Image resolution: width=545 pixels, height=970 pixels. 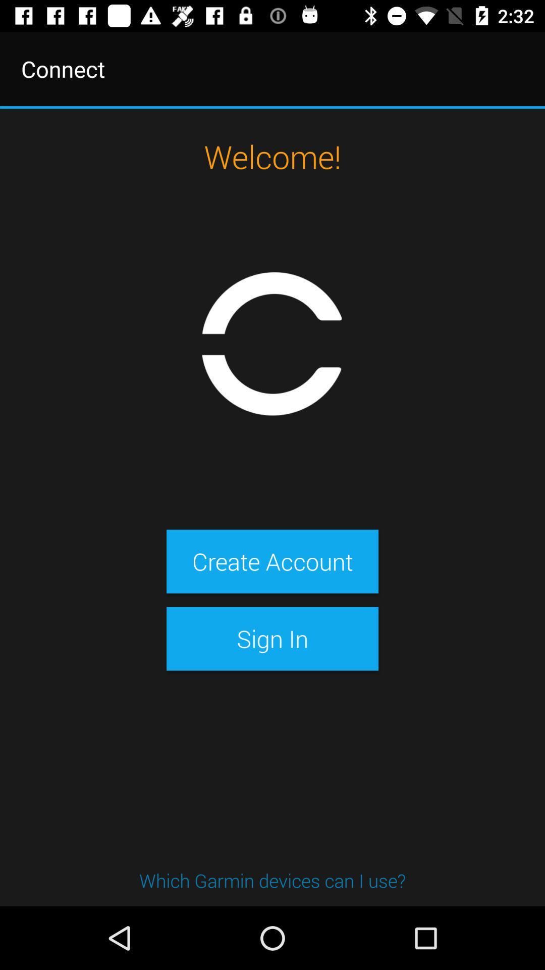 I want to click on icon below the sign in item, so click(x=272, y=880).